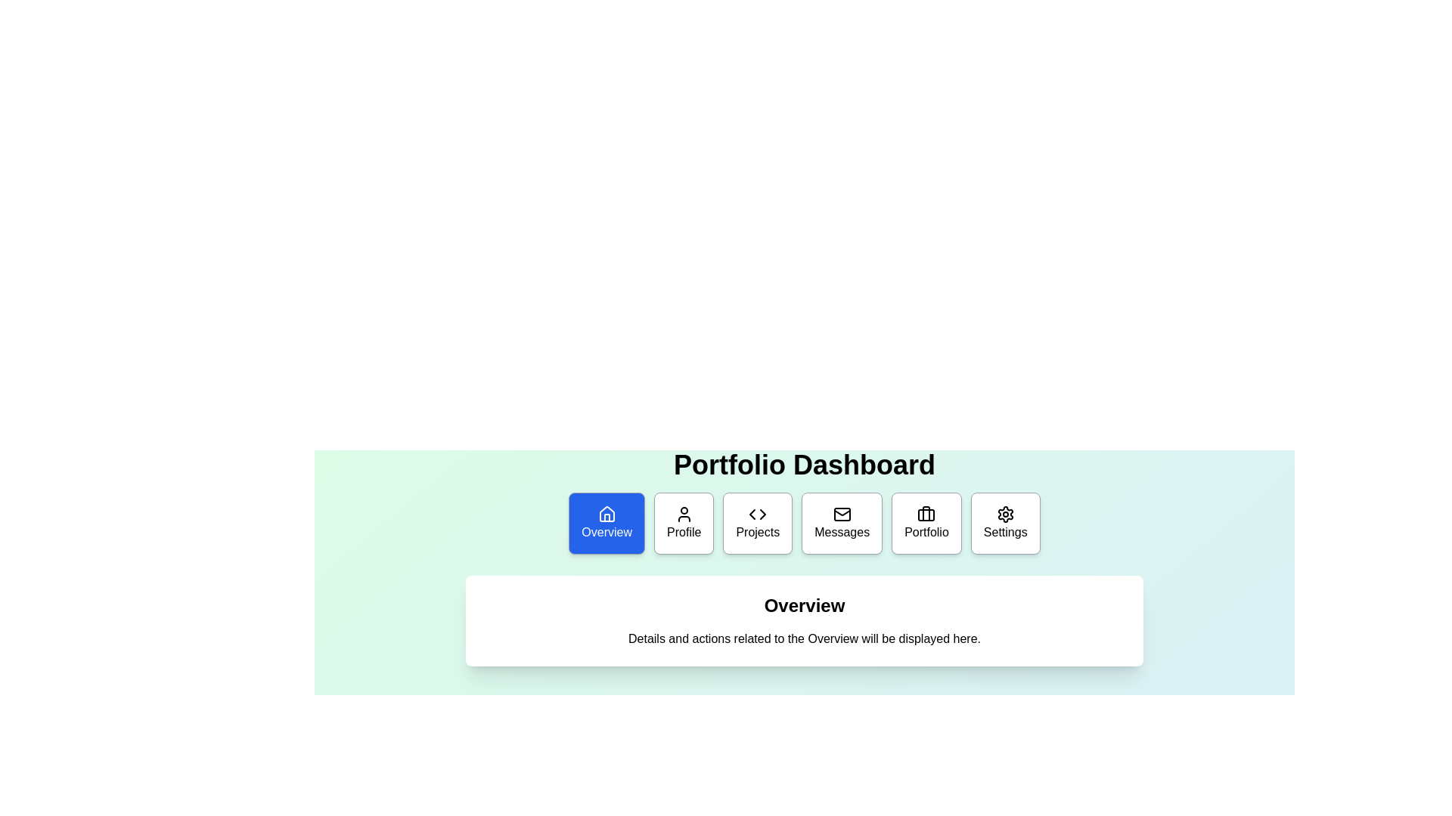 Image resolution: width=1452 pixels, height=816 pixels. Describe the element at coordinates (683, 514) in the screenshot. I see `the user icon, which is a simple outline of a person inside a circle, located inside the second box in the horizontal row of menu options beneath the 'Portfolio Dashboard' title` at that location.